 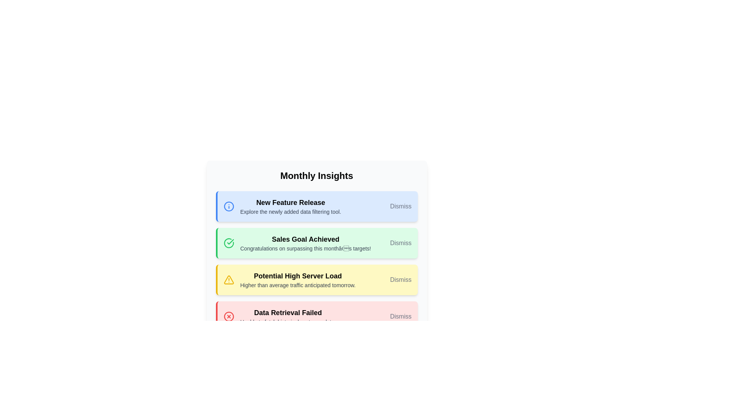 I want to click on the checkmark icon indicating 'Sales Goal Achieved' in the 'Monthly Insights' panel, which is a green stroke-styled checkmark enclosed within a circular outline, so click(x=230, y=242).